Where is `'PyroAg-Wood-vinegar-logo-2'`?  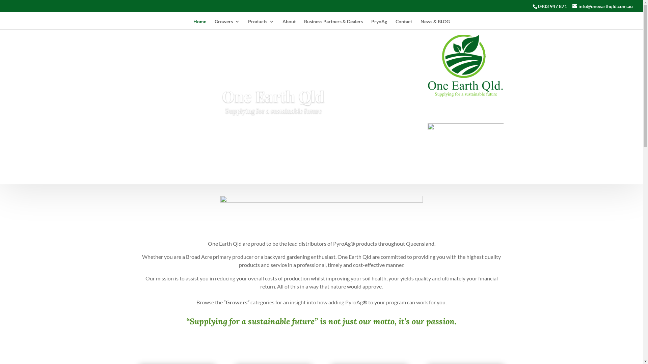 'PyroAg-Wood-vinegar-logo-2' is located at coordinates (427, 134).